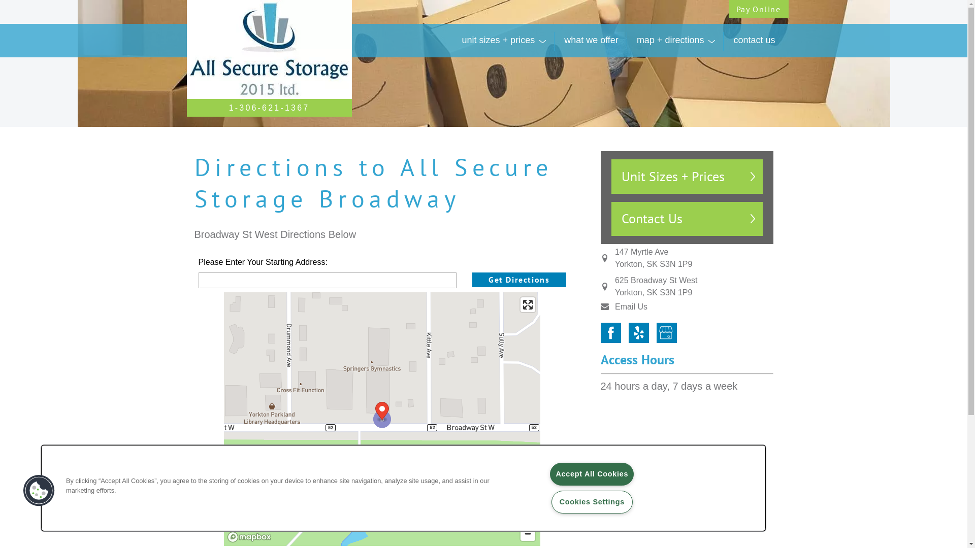 The width and height of the screenshot is (975, 548). Describe the element at coordinates (600, 332) in the screenshot. I see `'Facebook'` at that location.